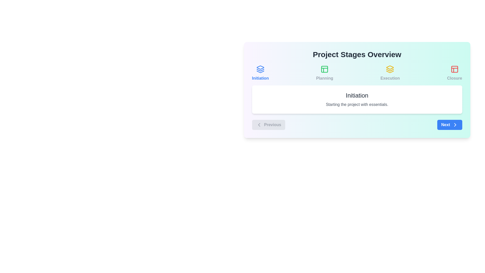 The height and width of the screenshot is (273, 485). What do you see at coordinates (390, 78) in the screenshot?
I see `the text label displaying 'Execution' in gray font, located below a yellow icon in a navigation interface` at bounding box center [390, 78].